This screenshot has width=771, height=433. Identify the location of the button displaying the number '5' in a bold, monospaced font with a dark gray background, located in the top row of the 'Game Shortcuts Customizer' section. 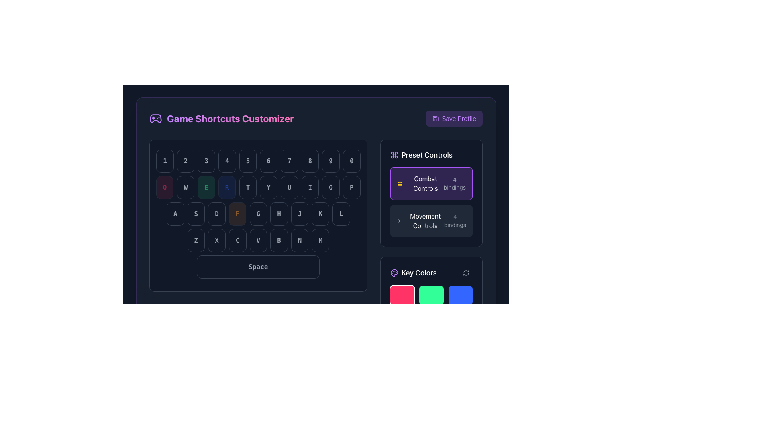
(247, 161).